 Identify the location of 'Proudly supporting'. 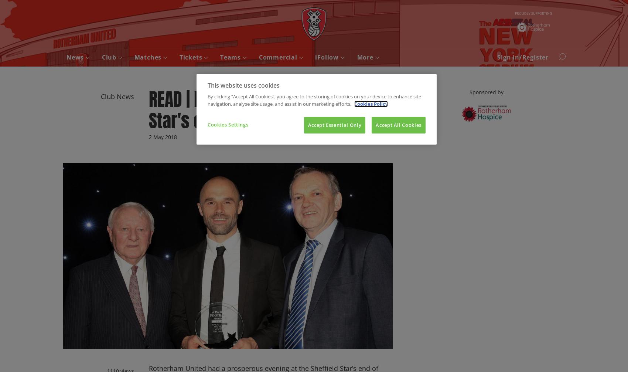
(533, 13).